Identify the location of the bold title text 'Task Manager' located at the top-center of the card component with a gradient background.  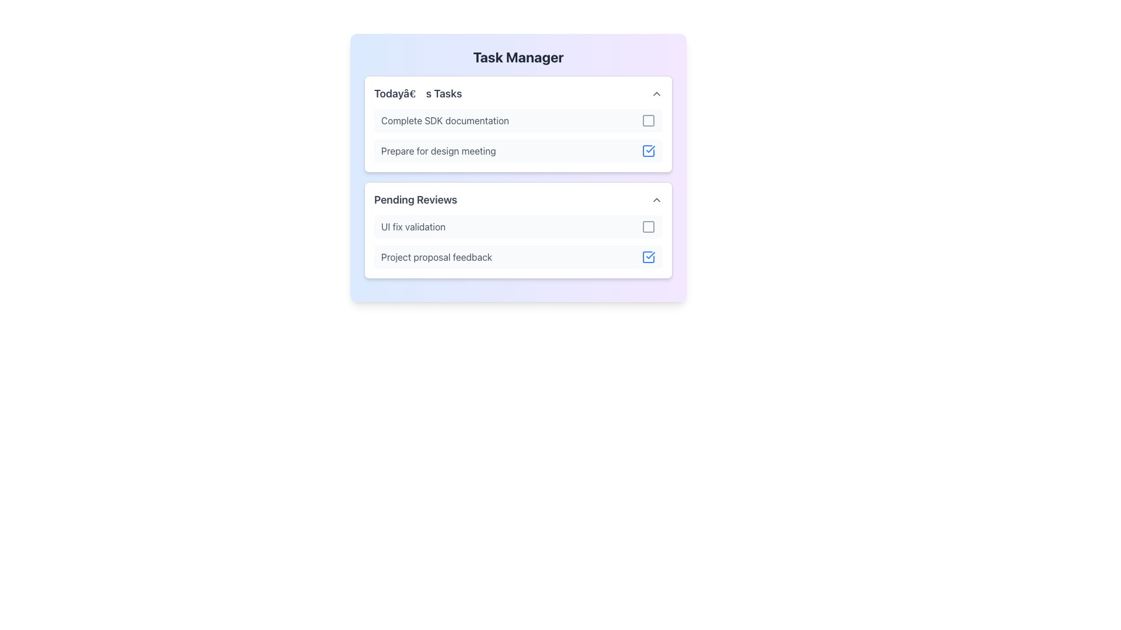
(518, 57).